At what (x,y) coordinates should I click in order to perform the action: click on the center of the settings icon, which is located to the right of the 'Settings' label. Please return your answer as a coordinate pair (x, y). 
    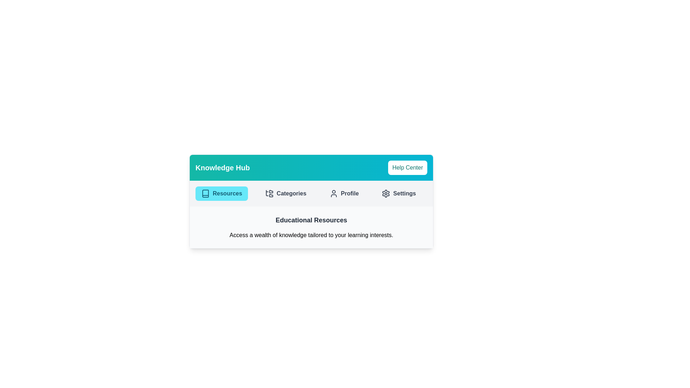
    Looking at the image, I should click on (386, 193).